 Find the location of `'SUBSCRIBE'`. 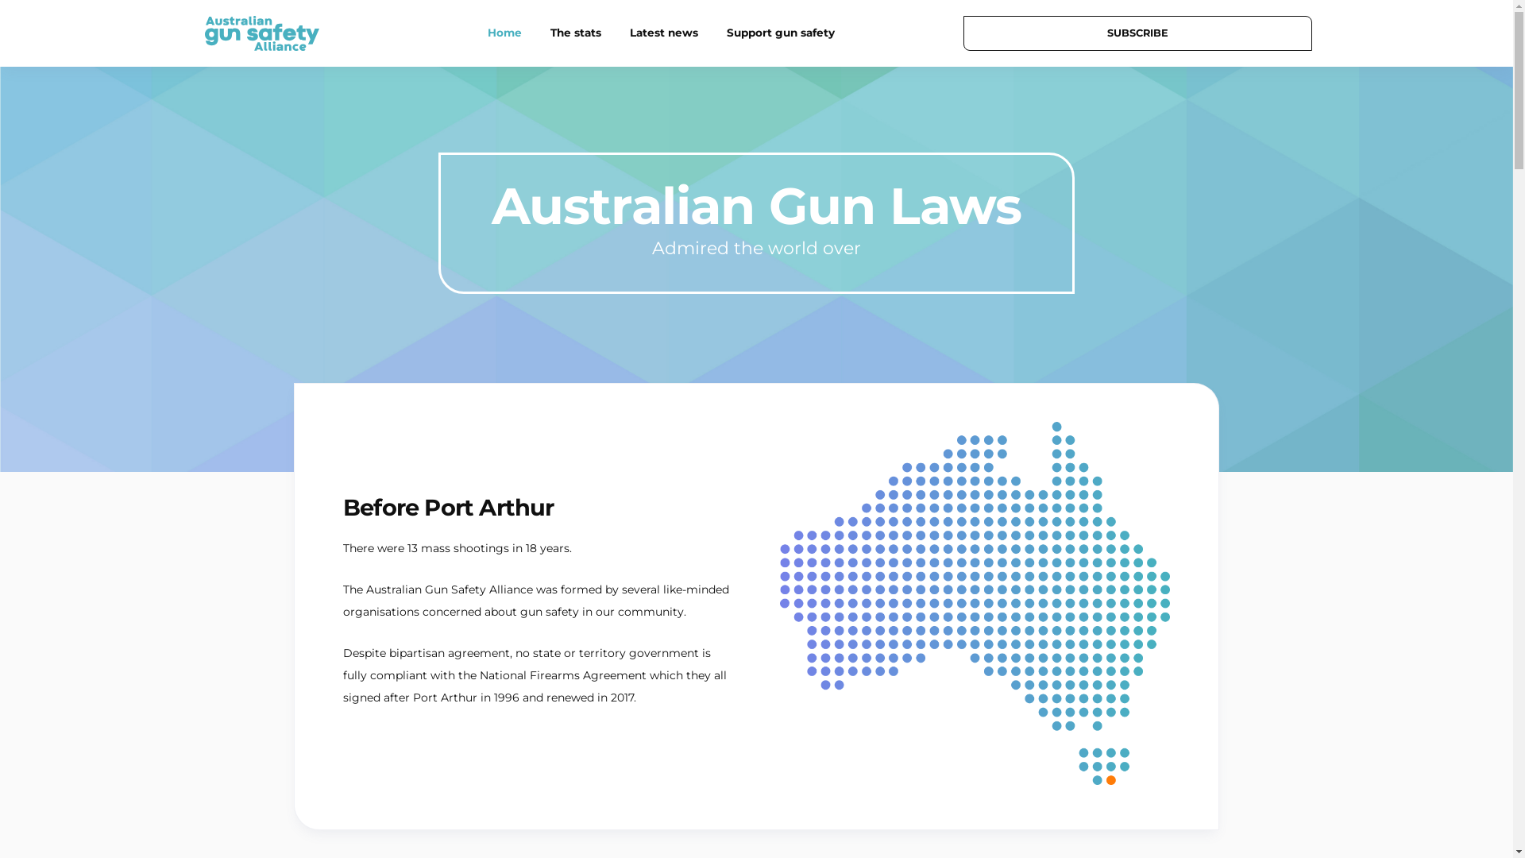

'SUBSCRIBE' is located at coordinates (1137, 33).